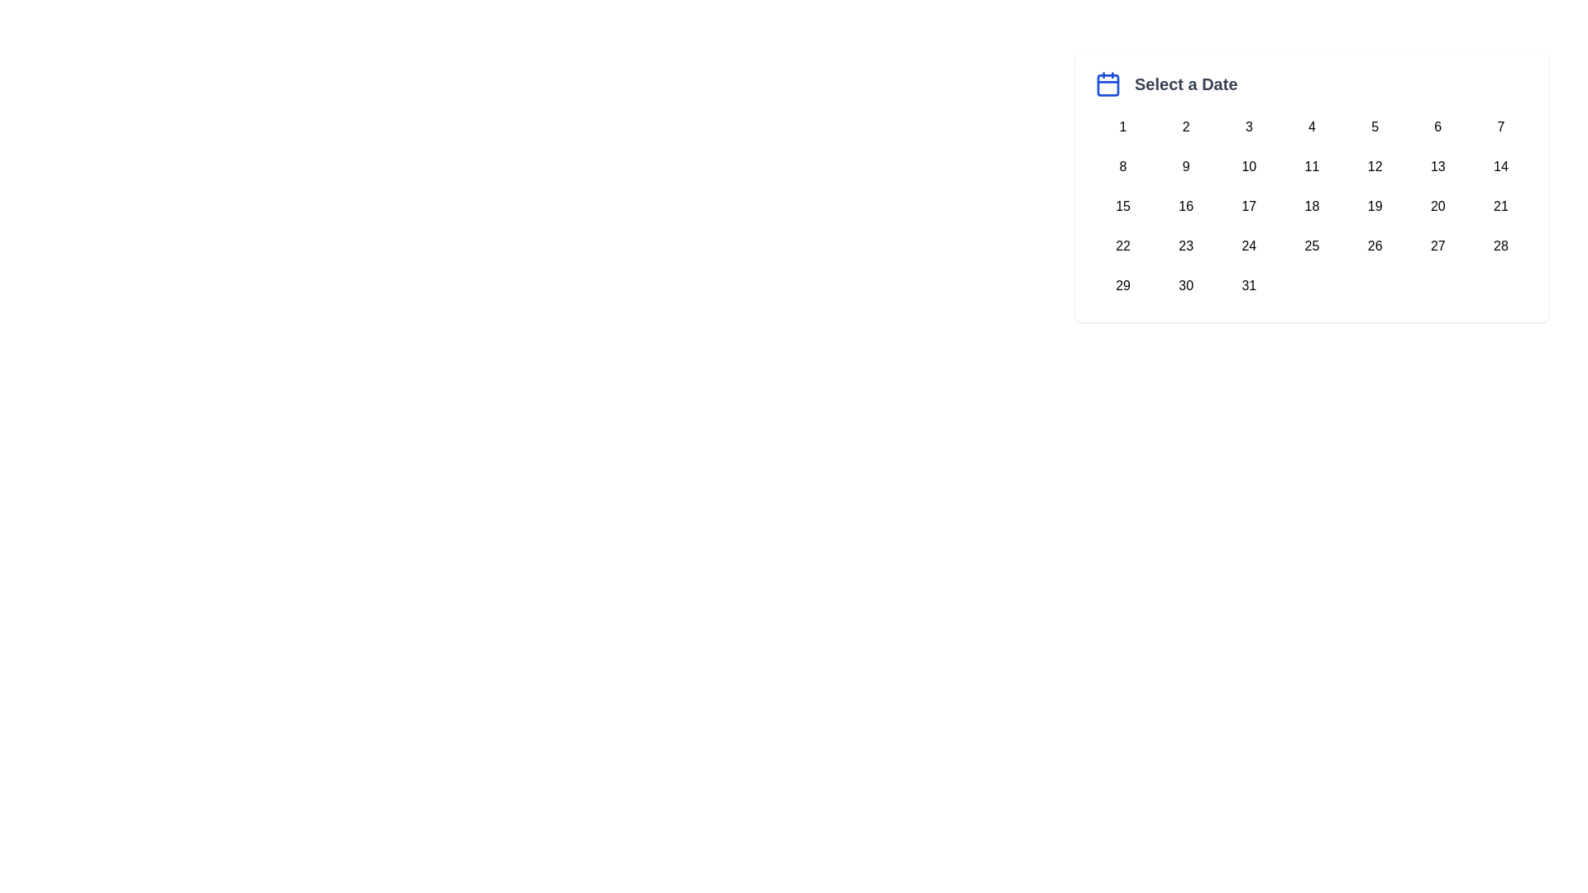 The image size is (1588, 893). What do you see at coordinates (1185, 206) in the screenshot?
I see `the interactive button displaying the number '16'` at bounding box center [1185, 206].